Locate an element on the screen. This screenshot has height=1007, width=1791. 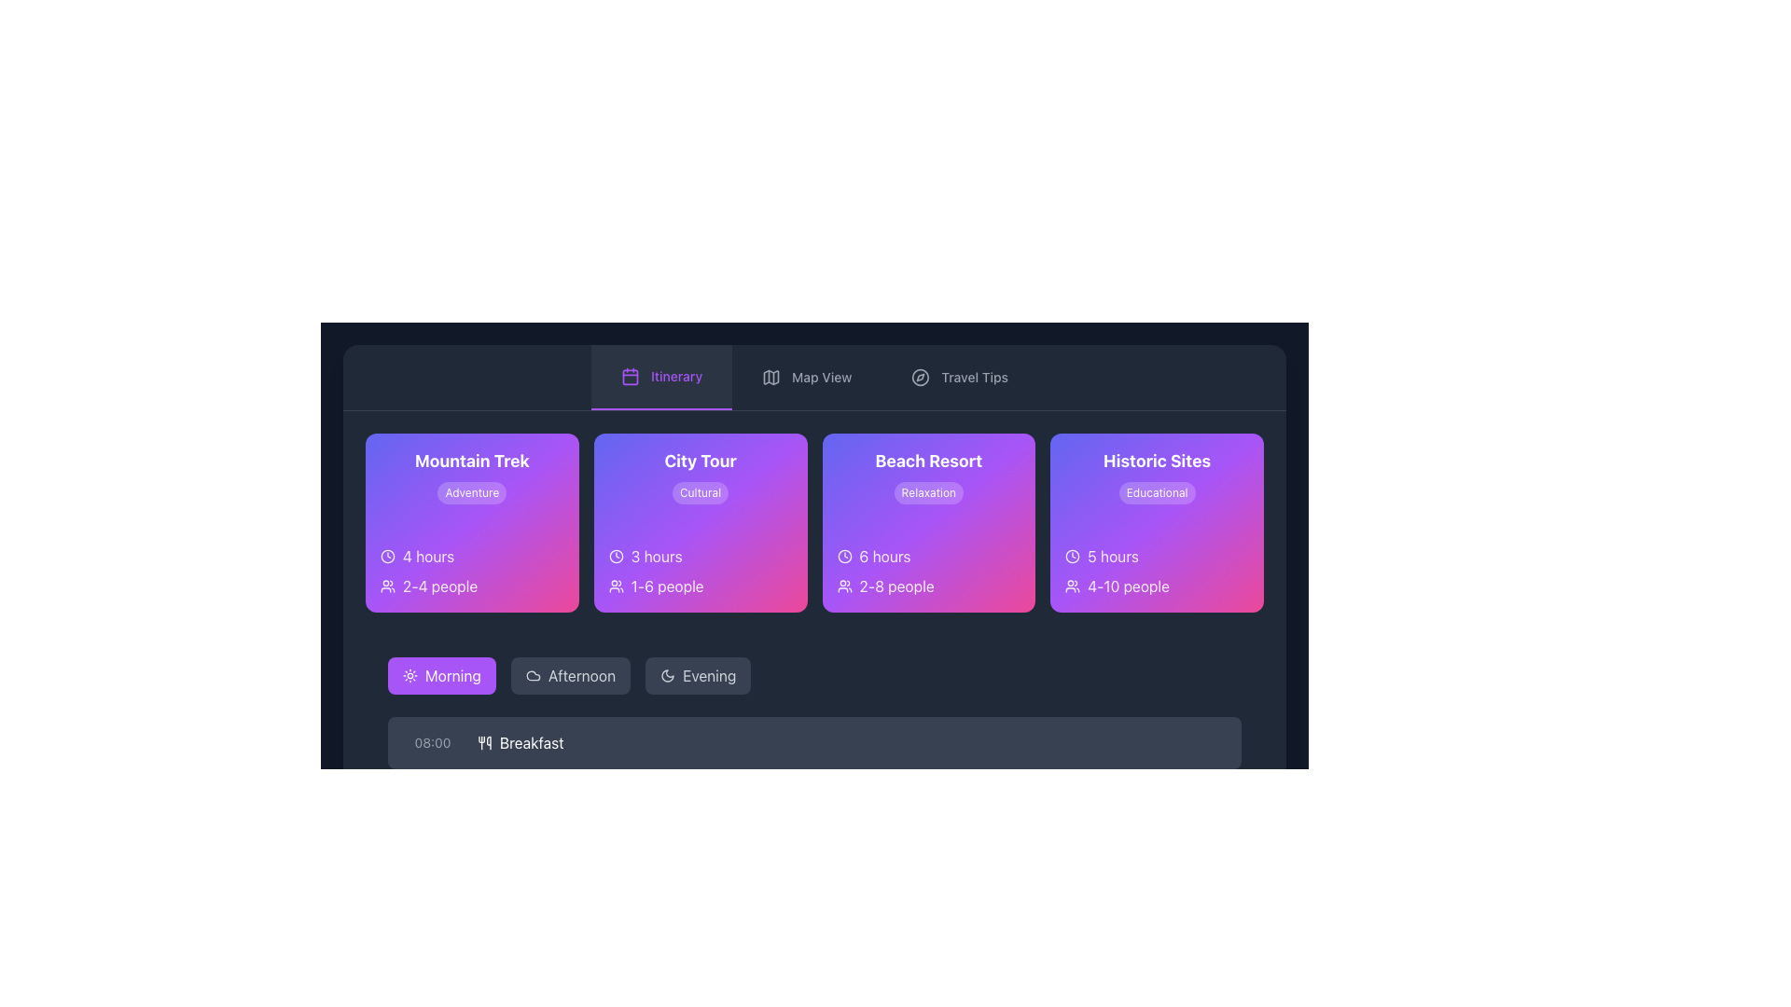
the clock-shaped icon located to the left of the text '6 hours' in the 'Beach Resort' section is located at coordinates (843, 556).